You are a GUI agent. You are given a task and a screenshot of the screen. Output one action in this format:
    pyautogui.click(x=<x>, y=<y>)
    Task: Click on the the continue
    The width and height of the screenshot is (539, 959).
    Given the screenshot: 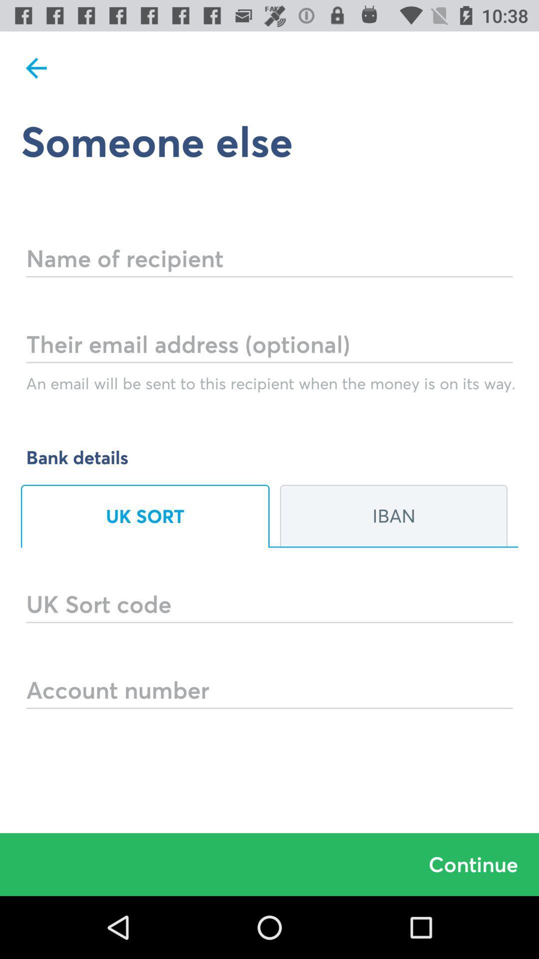 What is the action you would take?
    pyautogui.click(x=269, y=864)
    